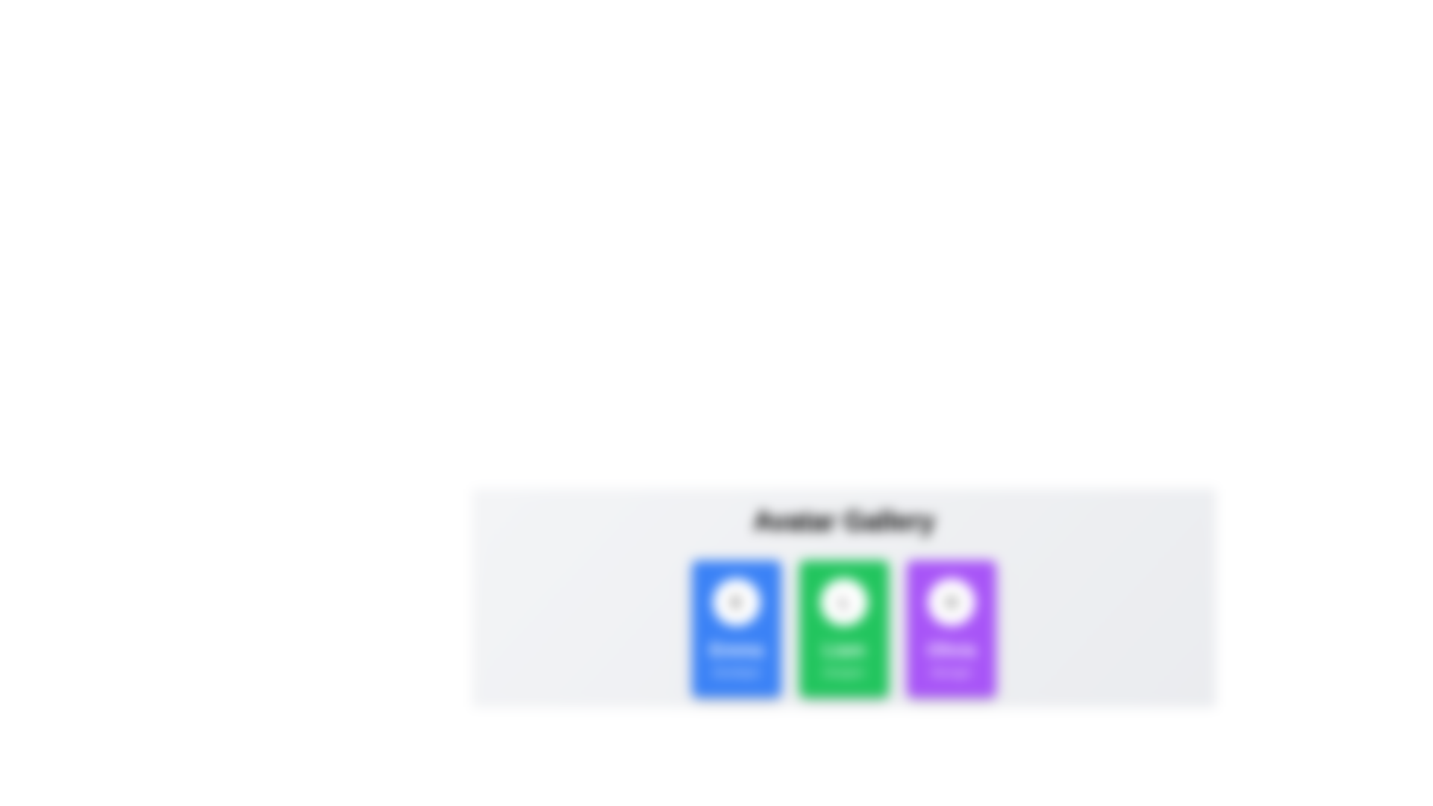  I want to click on on the Profile Card featuring the name 'Liam' and the subtext 'Designer' which is the middle card in the Avatar Gallery section, so click(843, 629).